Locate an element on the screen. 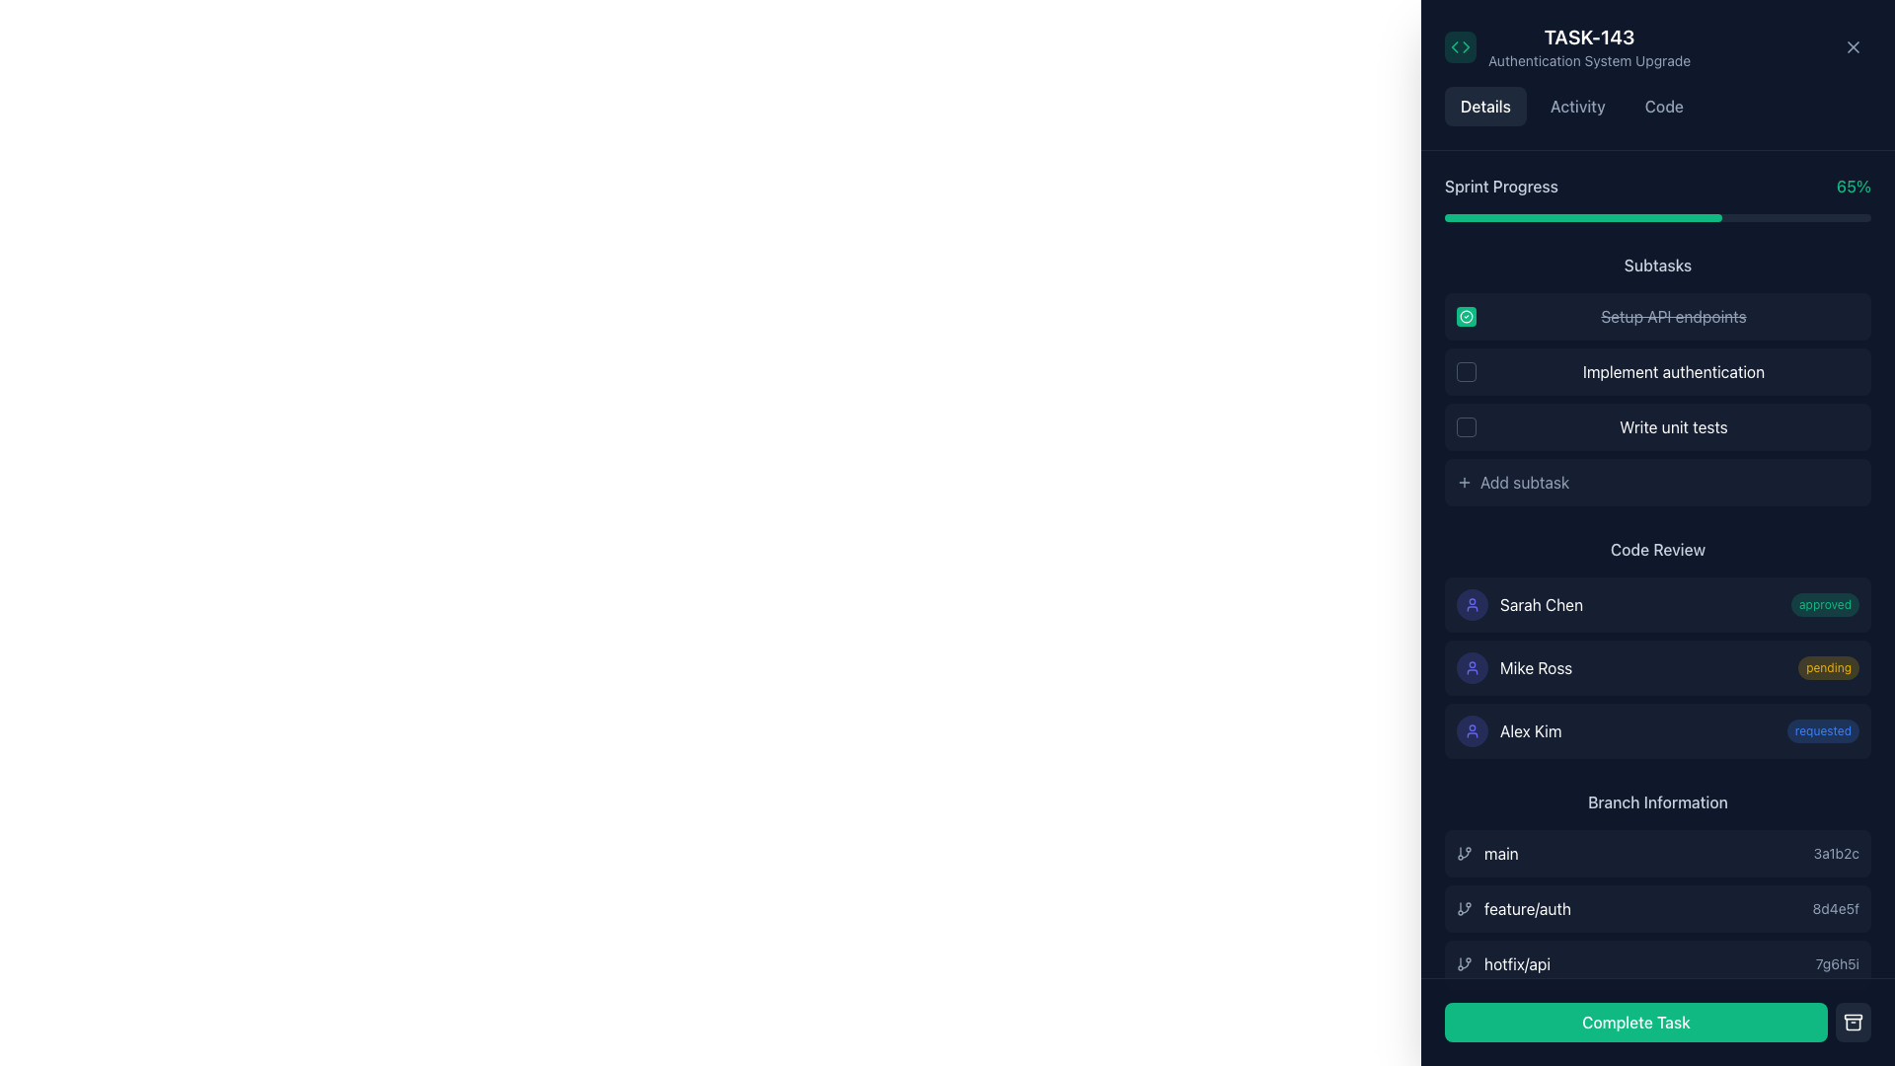 The image size is (1895, 1066). the text label displaying 'Sarah Chen' in the 'Code Review' section for potential interaction or is located at coordinates (1541, 604).